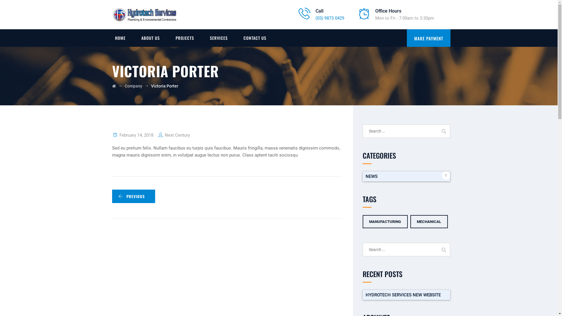  Describe the element at coordinates (133, 196) in the screenshot. I see `'PREVIOUS'` at that location.